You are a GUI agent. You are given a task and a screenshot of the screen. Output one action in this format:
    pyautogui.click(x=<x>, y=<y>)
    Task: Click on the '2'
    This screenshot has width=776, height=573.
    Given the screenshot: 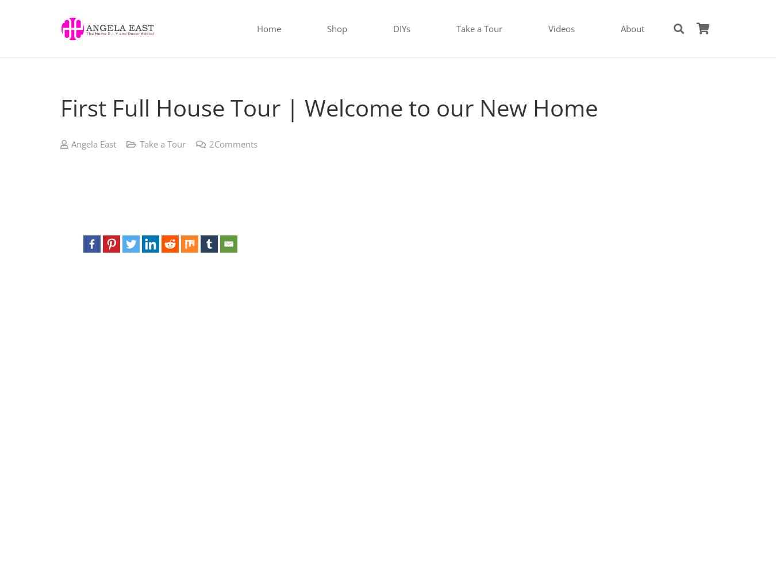 What is the action you would take?
    pyautogui.click(x=212, y=143)
    